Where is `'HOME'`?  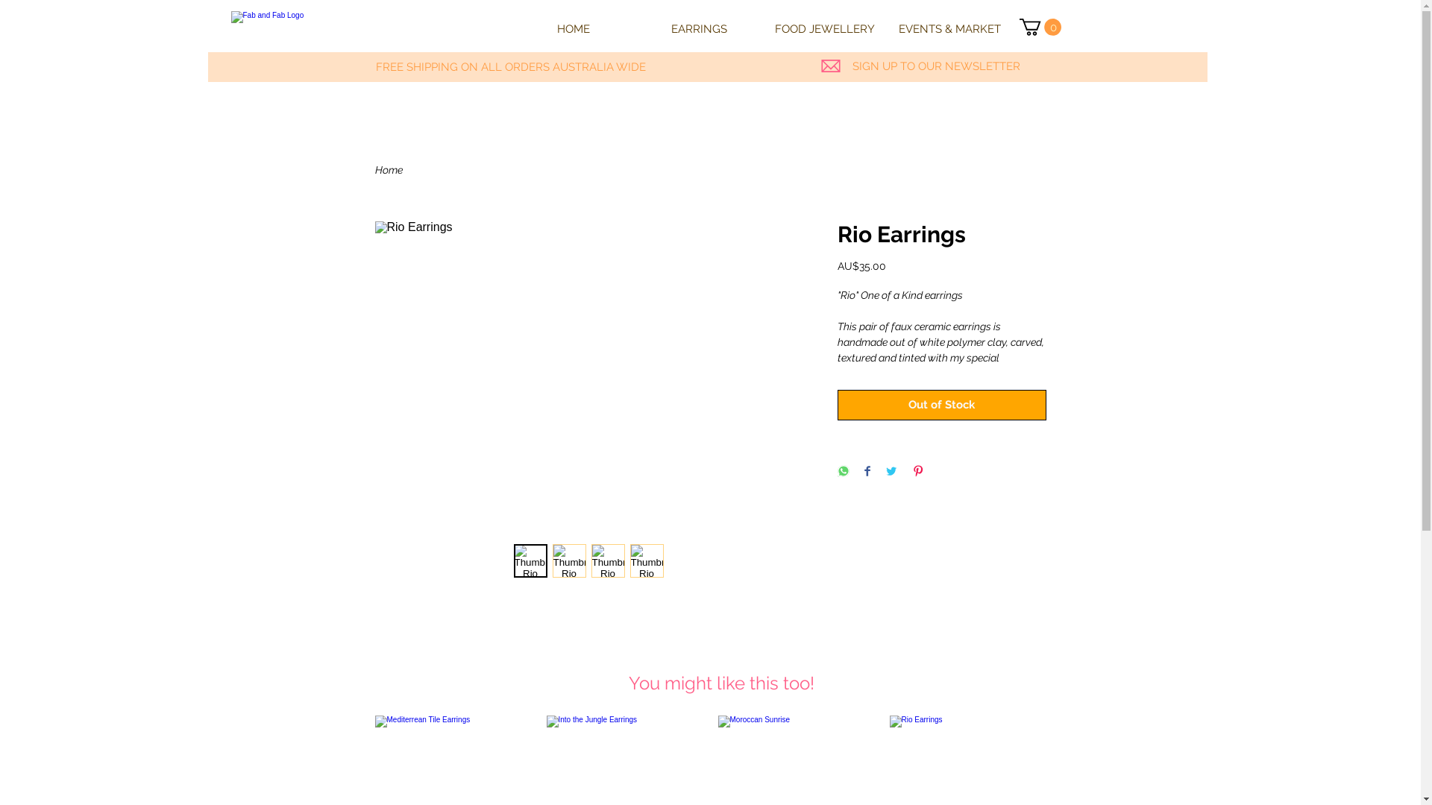 'HOME' is located at coordinates (572, 29).